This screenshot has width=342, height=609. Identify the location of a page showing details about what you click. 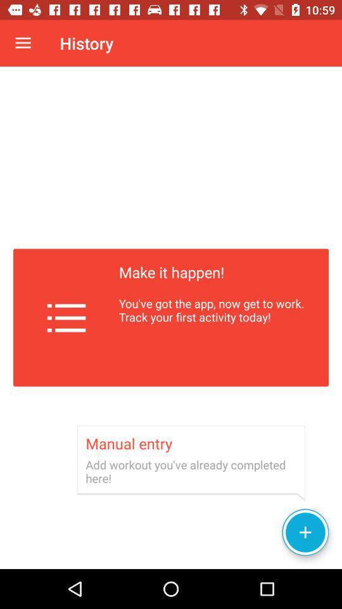
(171, 317).